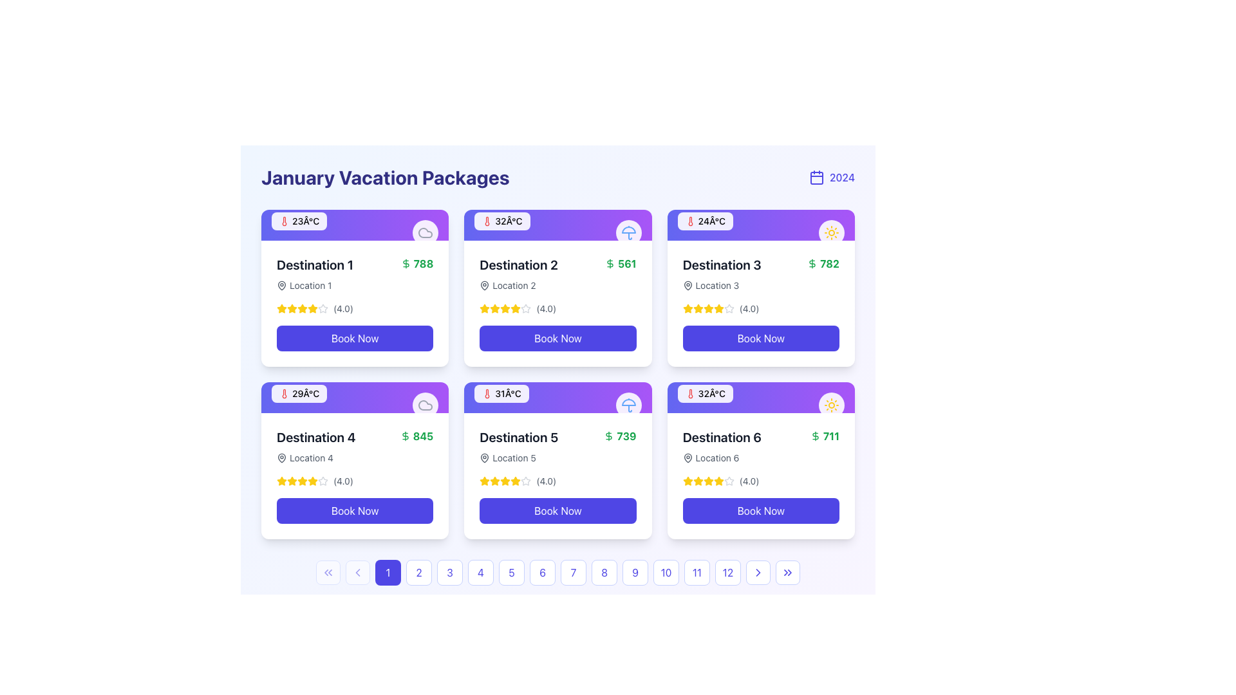 The height and width of the screenshot is (695, 1236). Describe the element at coordinates (316, 458) in the screenshot. I see `the 'Location 4' text with pin icon located in the 'Destination 4' card, which is positioned in the second row and first column of the grid layout` at that location.